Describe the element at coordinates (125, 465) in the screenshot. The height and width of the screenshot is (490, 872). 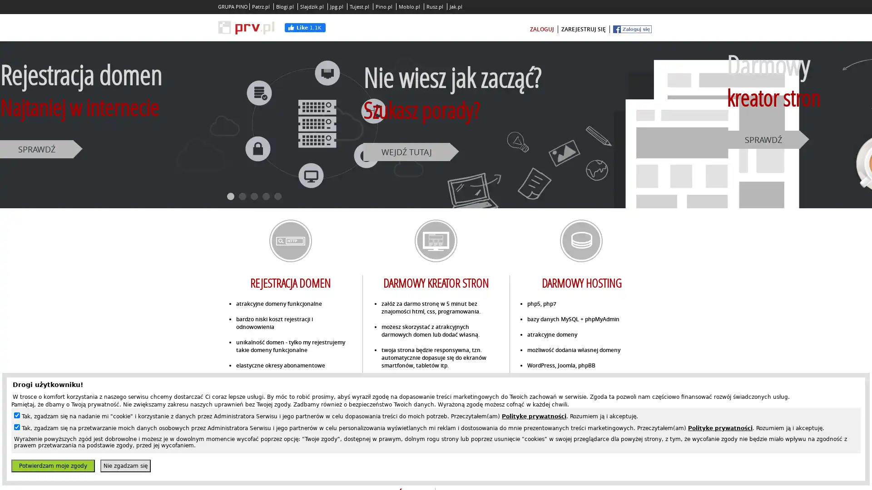
I see `Nie zgadzam sie` at that location.